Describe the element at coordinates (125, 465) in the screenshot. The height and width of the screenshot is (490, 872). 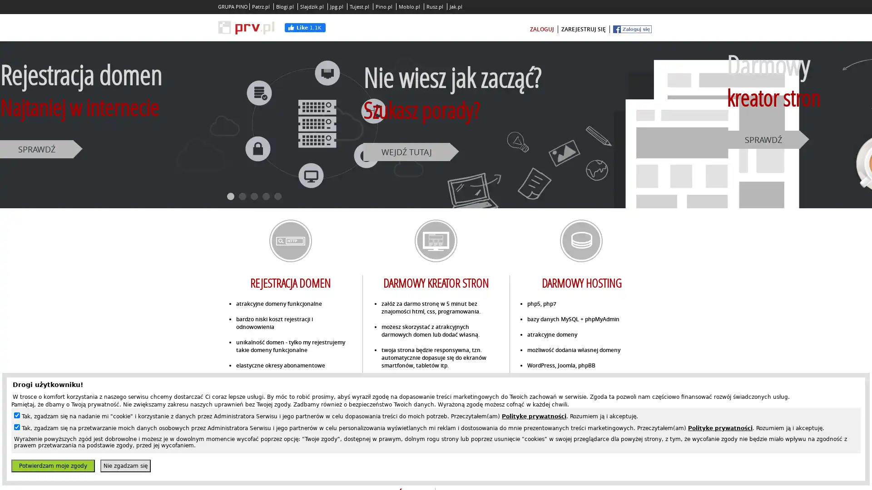
I see `Nie zgadzam sie` at that location.